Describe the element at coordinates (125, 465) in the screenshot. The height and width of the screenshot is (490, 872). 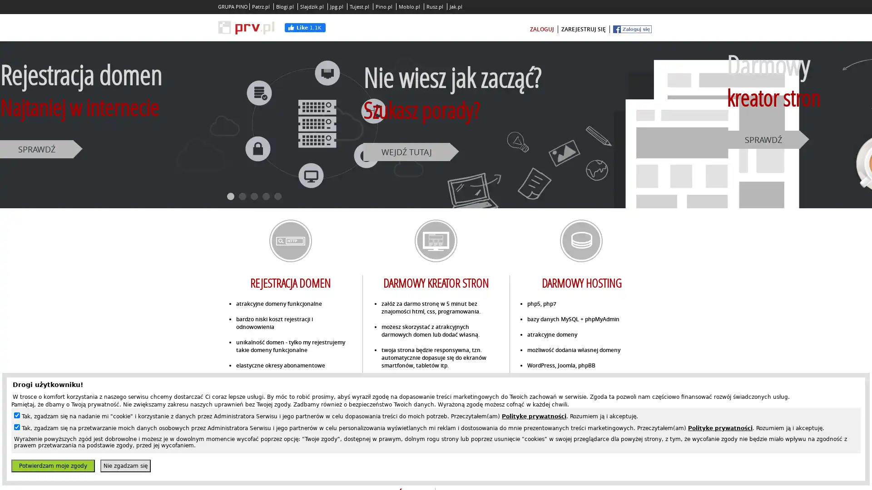
I see `Nie zgadzam sie` at that location.